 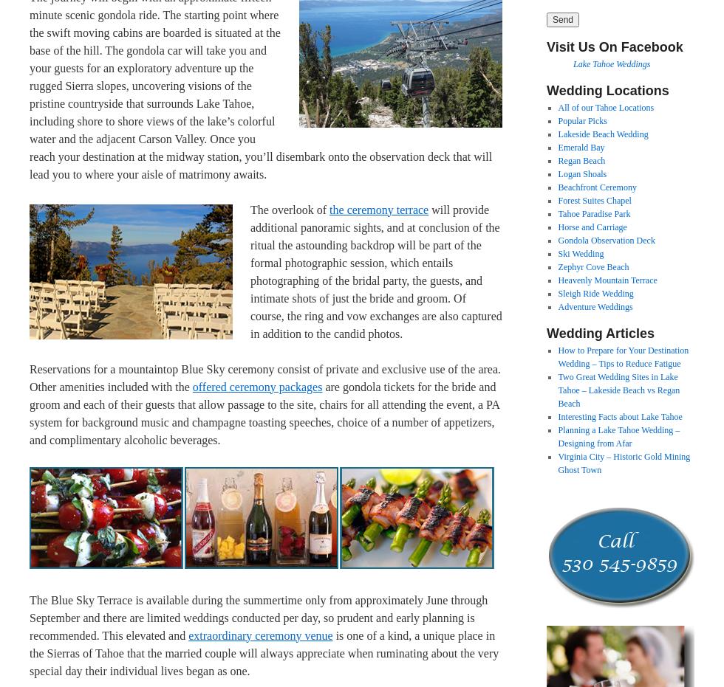 I want to click on 'are gondola tickets for the bride and groom and each of their guests that allow passage to the site, chairs for all attending the event, a PA system for background music and champagne toasting speeches, choice of a number of appetizers, and complimentary alcoholic beverages.', so click(x=264, y=412).